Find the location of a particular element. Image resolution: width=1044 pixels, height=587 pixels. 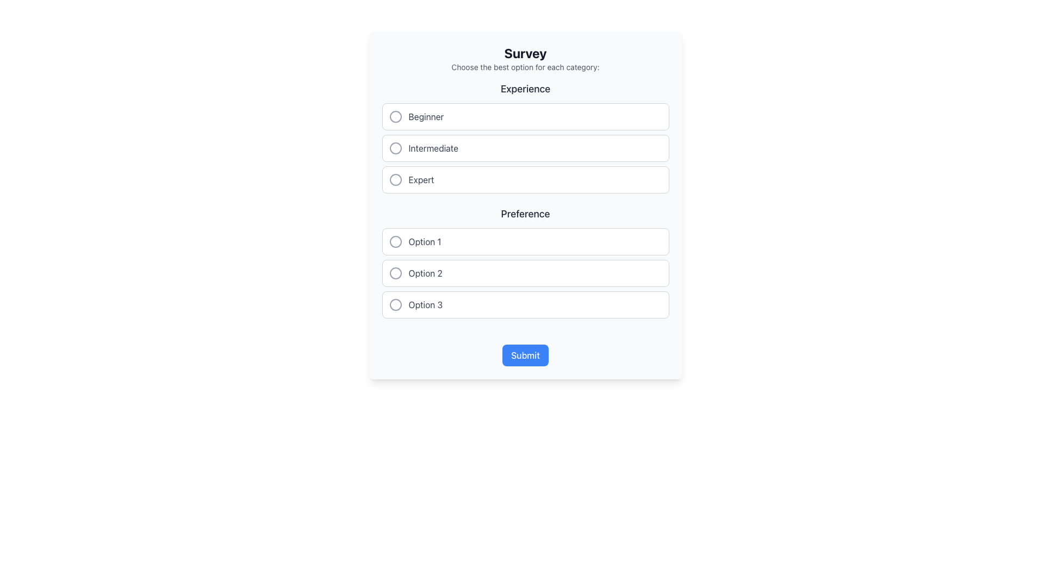

the selection indicator for the 'Intermediate' radio button is located at coordinates (395, 148).